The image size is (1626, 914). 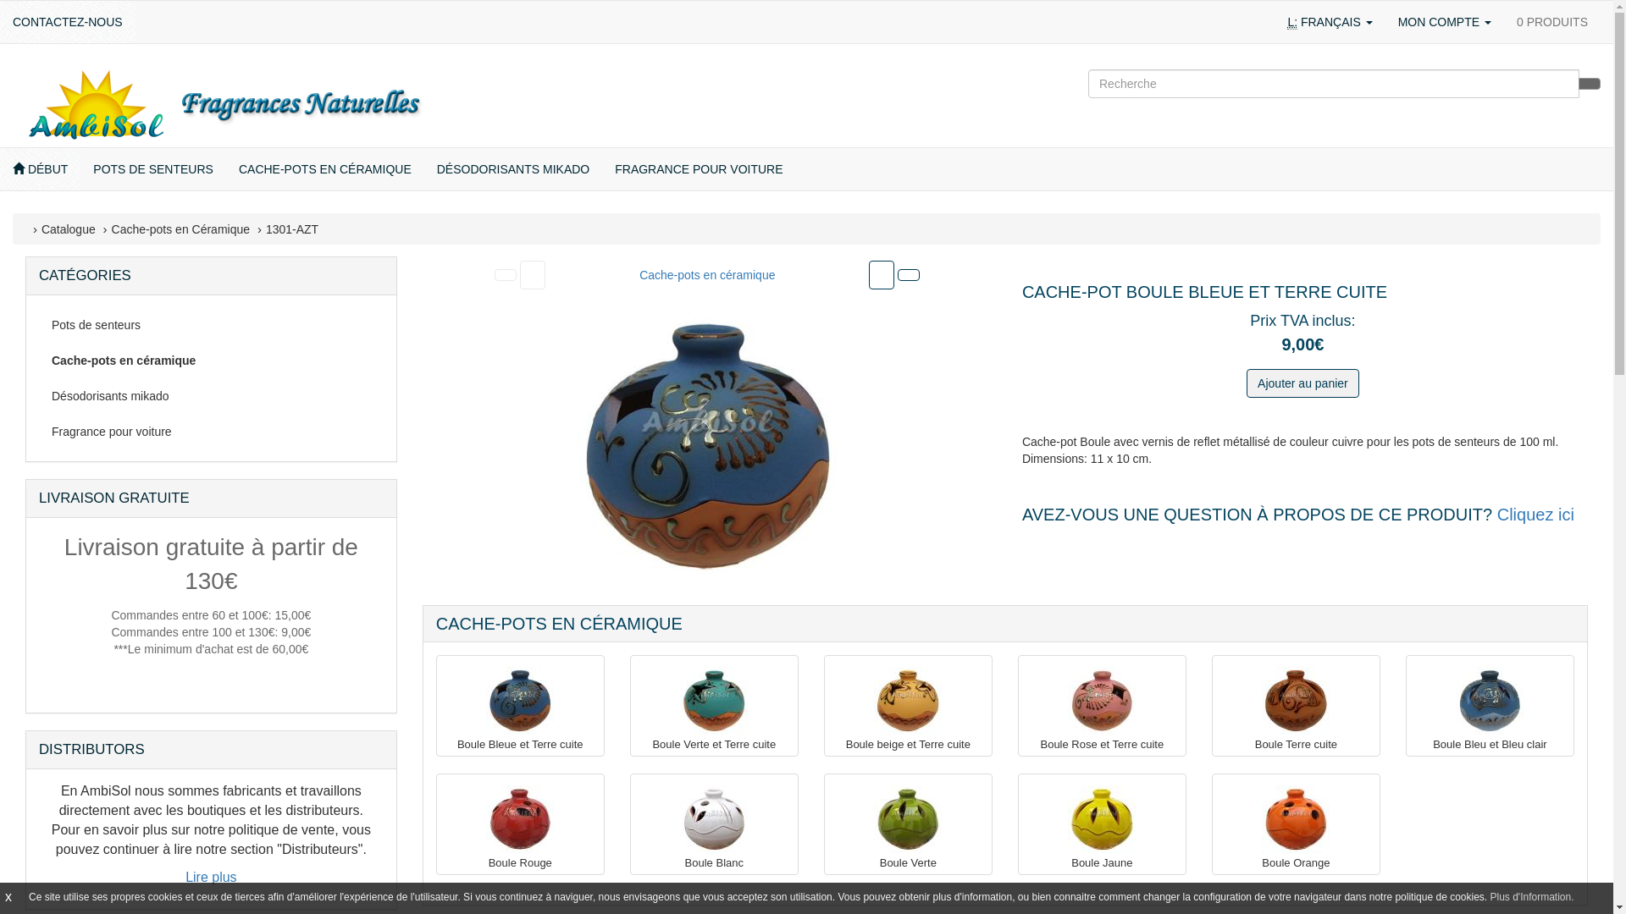 I want to click on 'POTS DE SENTEURS', so click(x=80, y=169).